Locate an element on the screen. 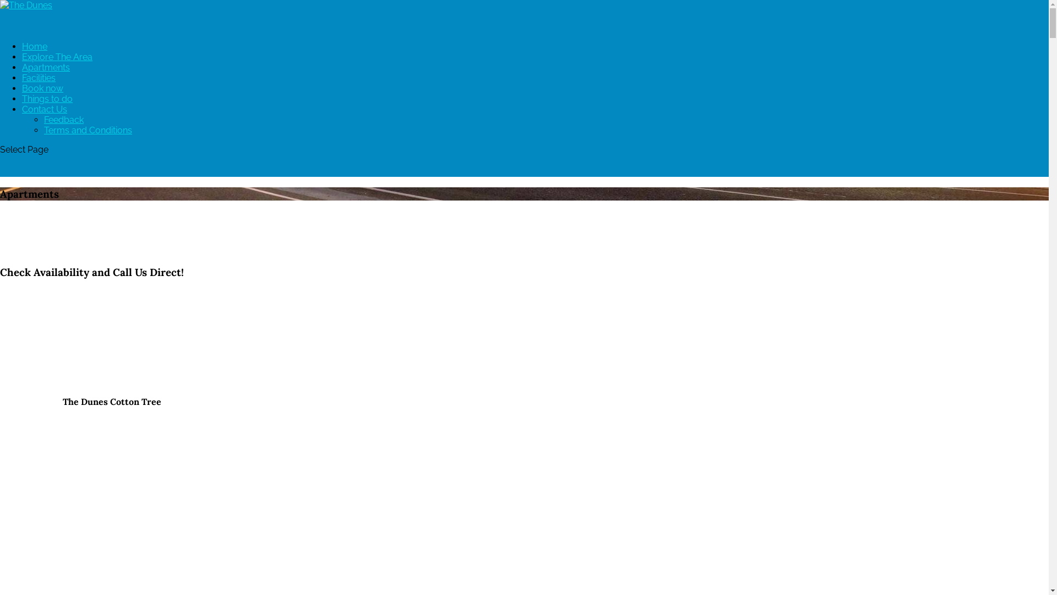 This screenshot has height=595, width=1057. 'Contact Us' is located at coordinates (21, 120).